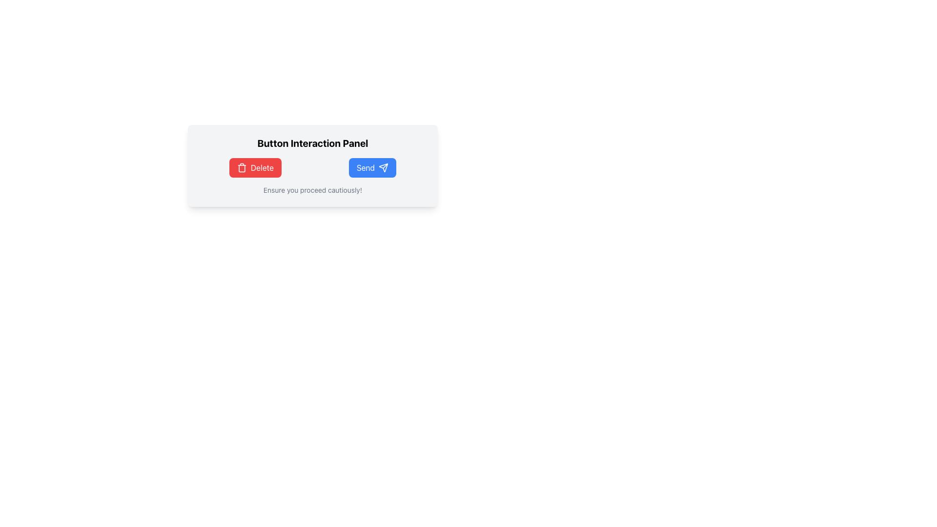  Describe the element at coordinates (255, 167) in the screenshot. I see `the red 'Delete' button located on the left side of the pair of buttons under the 'Button Interaction Panel' header` at that location.